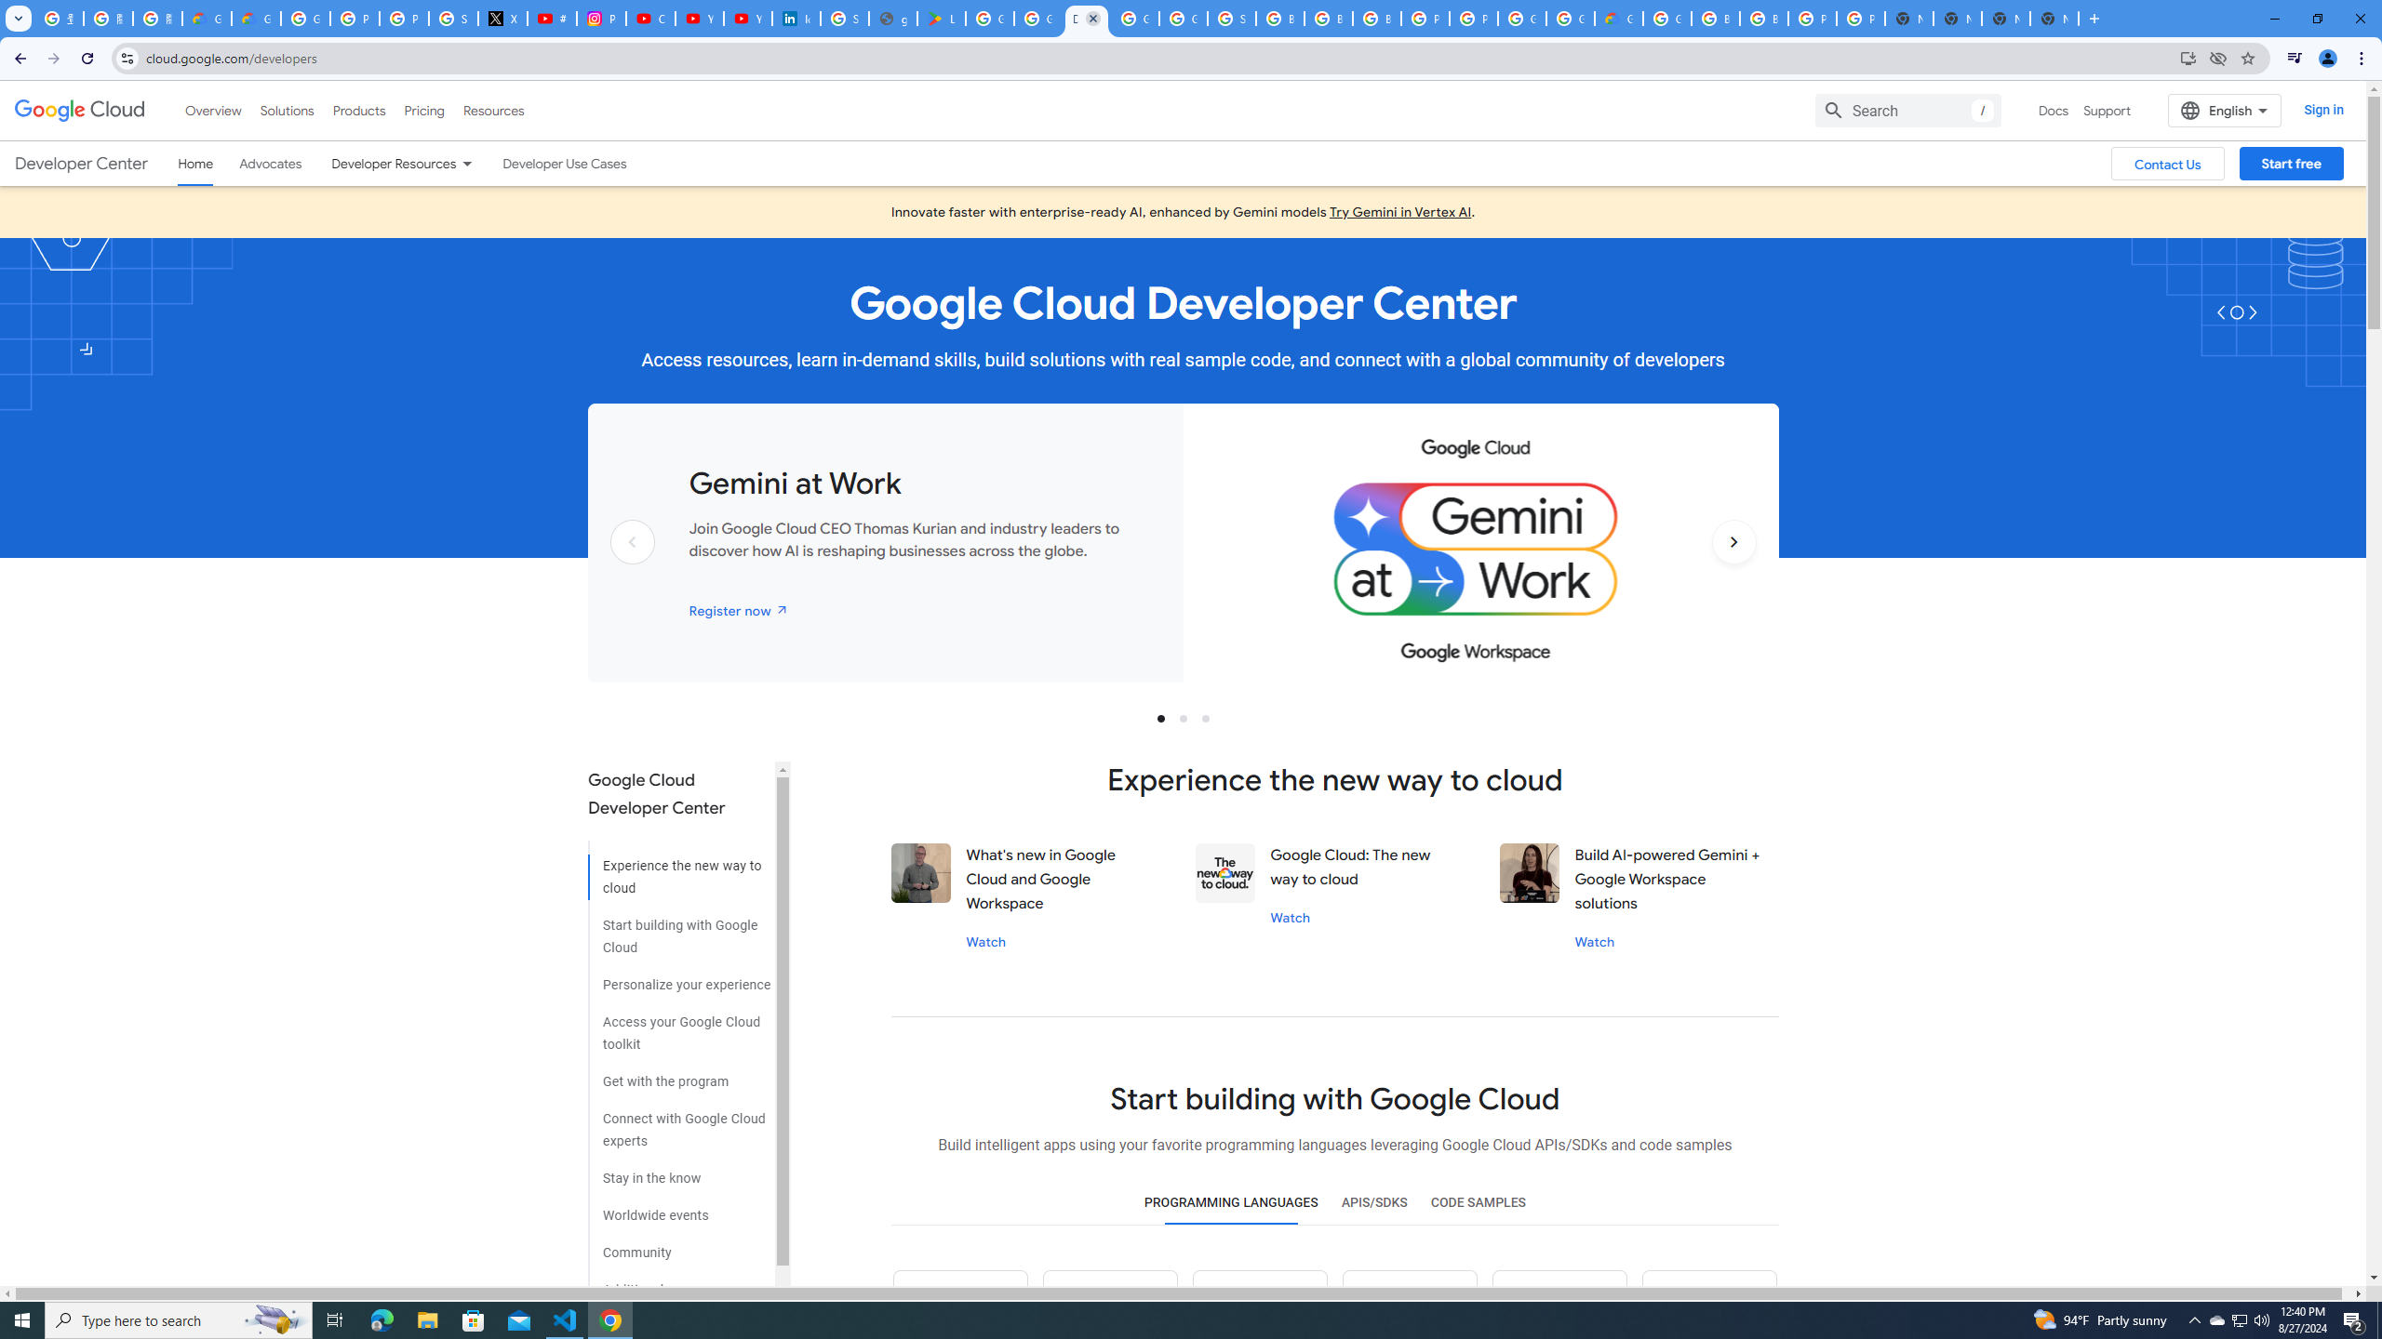 Image resolution: width=2382 pixels, height=1339 pixels. I want to click on 'Pricing', so click(424, 110).